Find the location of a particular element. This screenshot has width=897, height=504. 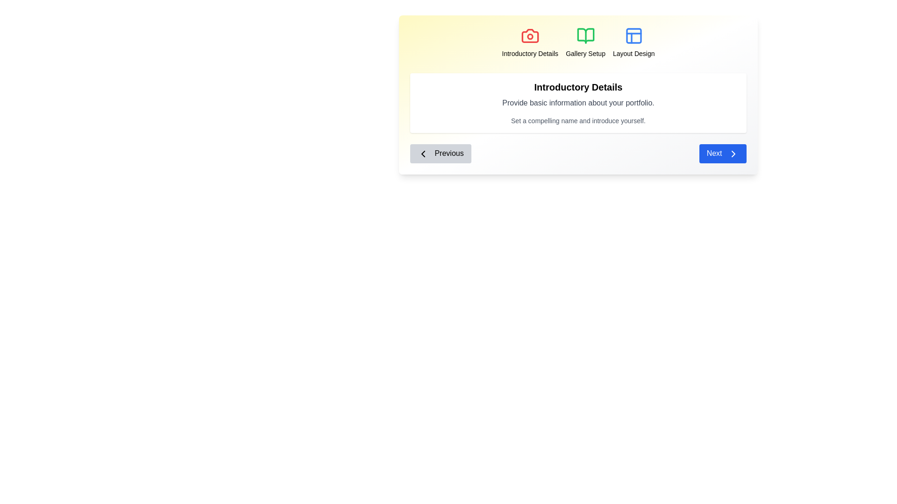

the camera icon that represents the 'Introductory Details' step in the navigation section, which is the leftmost icon in a row of three is located at coordinates (530, 35).